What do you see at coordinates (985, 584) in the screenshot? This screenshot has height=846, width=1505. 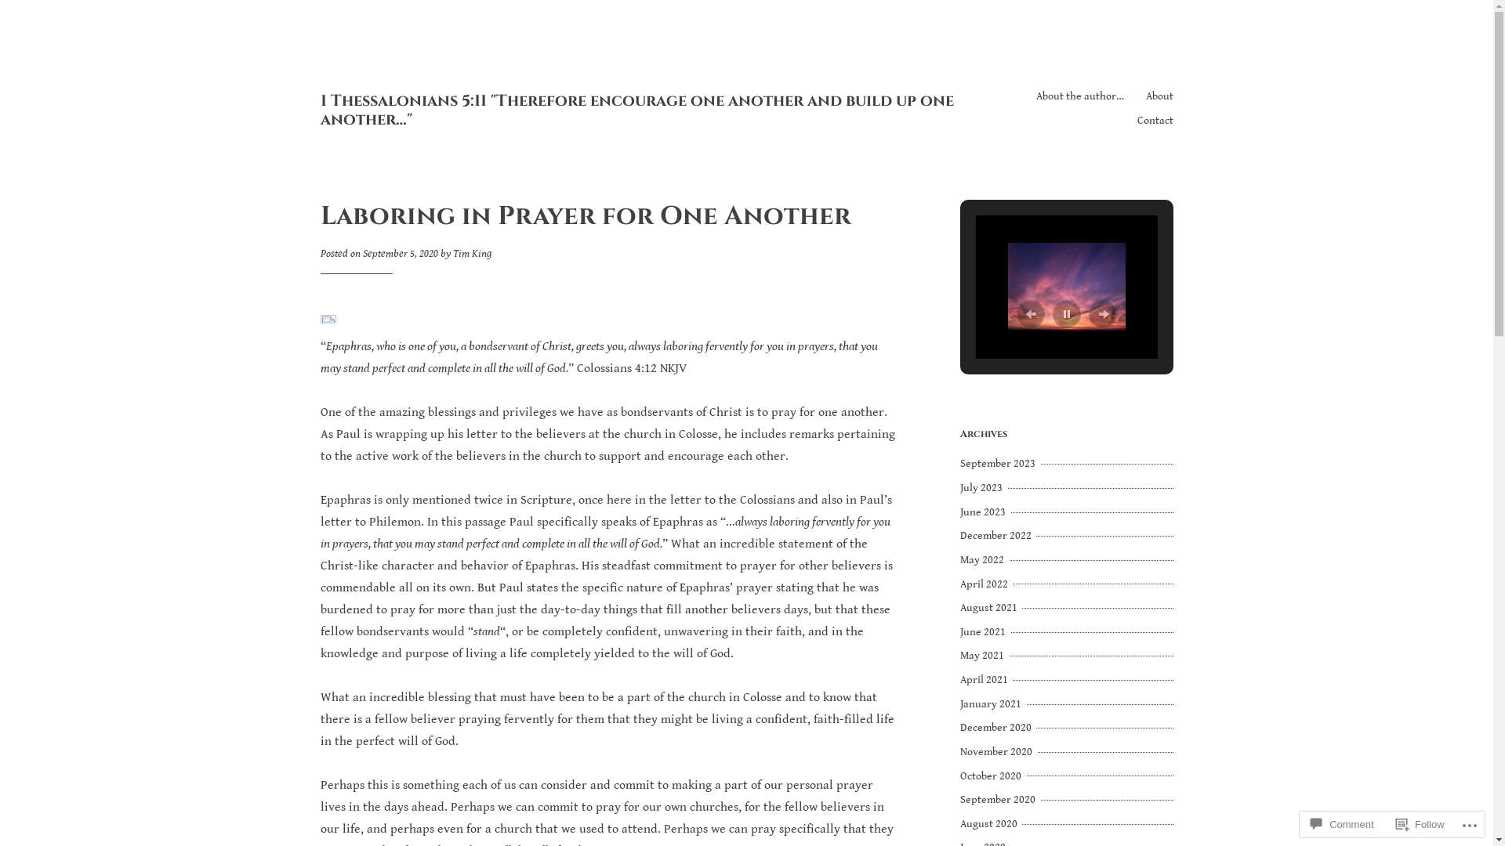 I see `'April 2022'` at bounding box center [985, 584].